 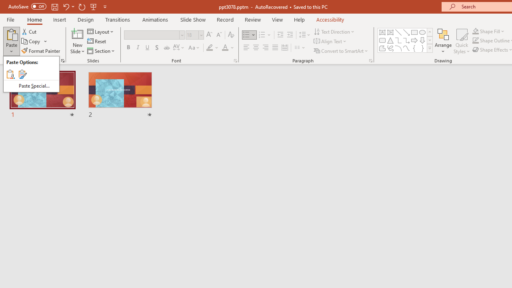 I want to click on 'Reset', so click(x=97, y=41).